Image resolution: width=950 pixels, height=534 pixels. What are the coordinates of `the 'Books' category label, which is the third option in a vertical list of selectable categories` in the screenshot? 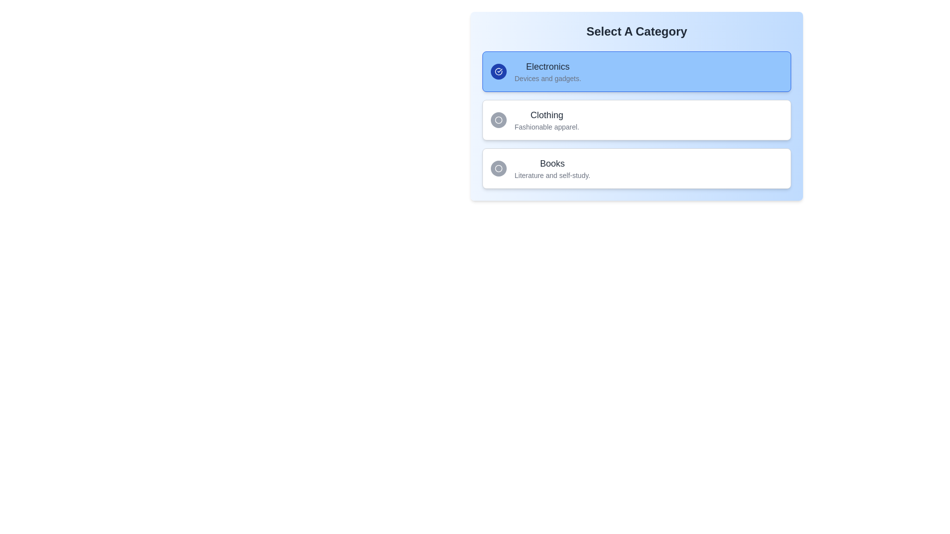 It's located at (552, 168).